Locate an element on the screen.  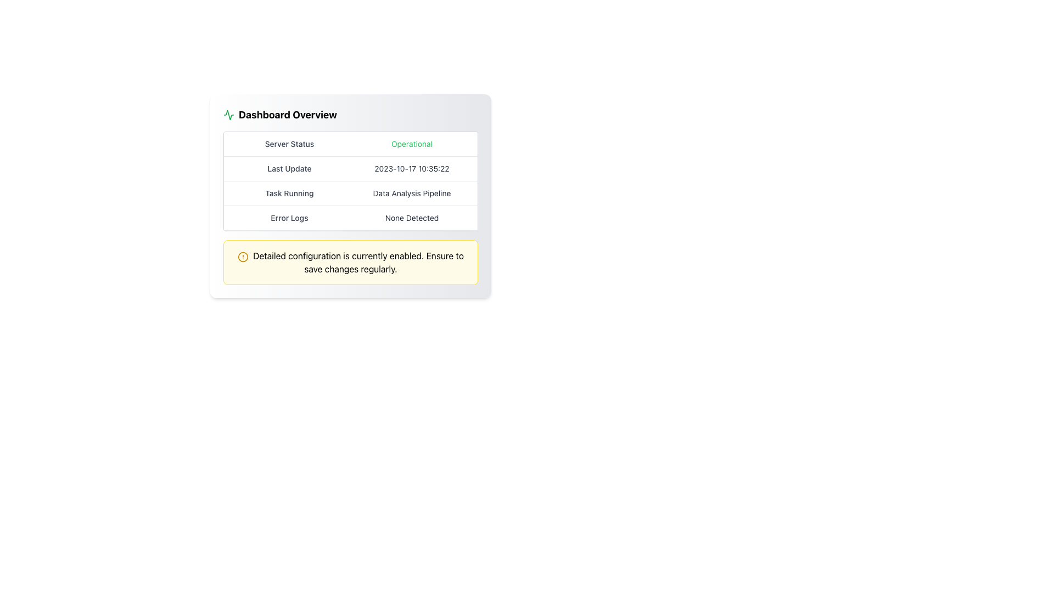
the non-interactive Text Label that displays the server's operational status, located in the second column of the first row within the 'Dashboard Overview' card is located at coordinates (411, 143).